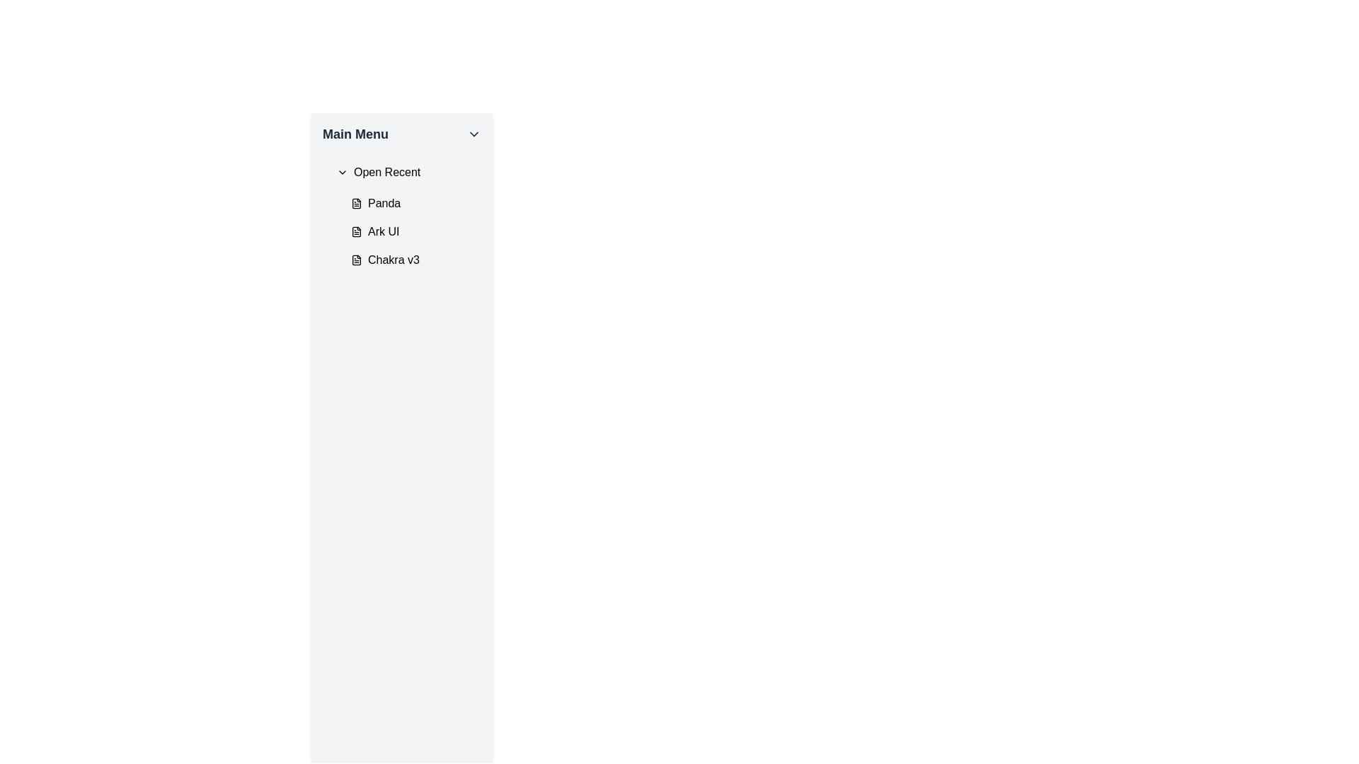 Image resolution: width=1359 pixels, height=764 pixels. I want to click on the SVG icon resembling a document or file, located in the left navigation panel under the 'Open Recent' section, preceding the text label 'Panda', so click(357, 204).